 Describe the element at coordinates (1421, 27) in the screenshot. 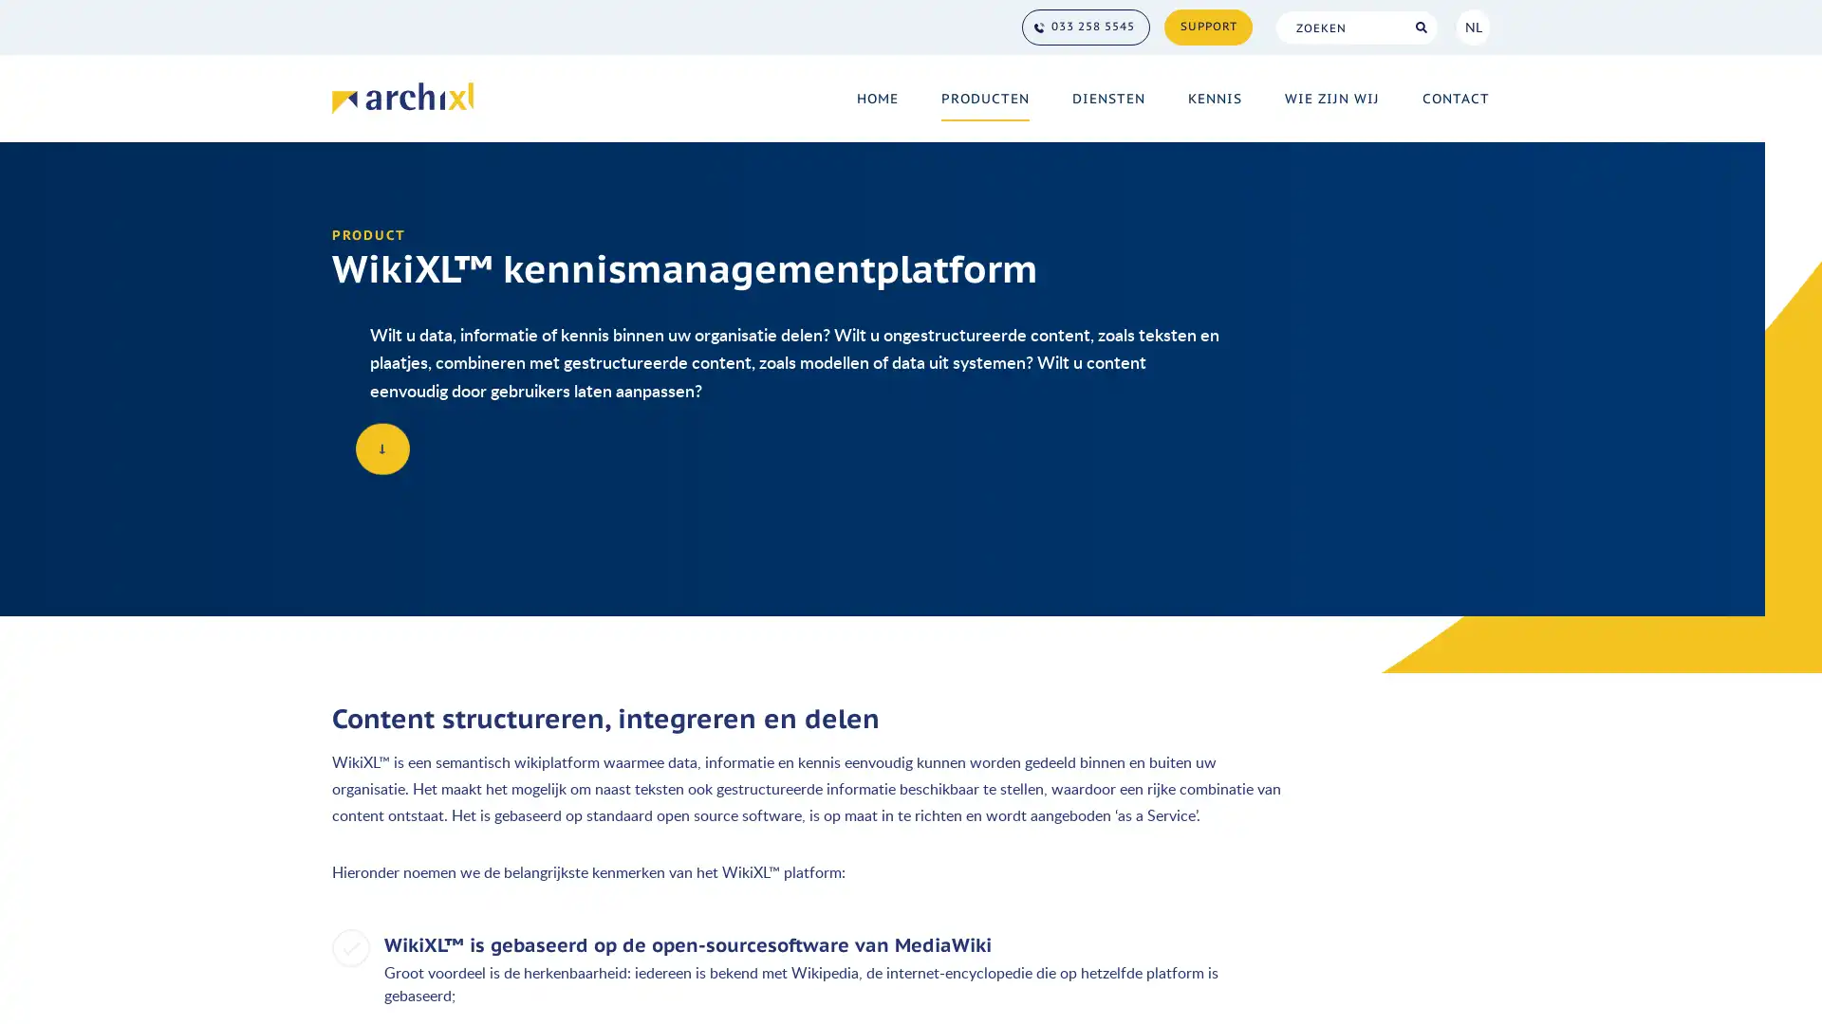

I see `Search` at that location.